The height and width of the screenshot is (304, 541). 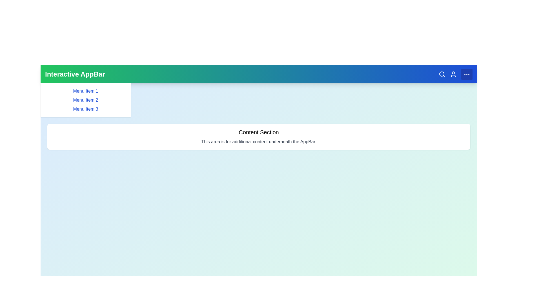 What do you see at coordinates (453, 74) in the screenshot?
I see `the user icon to access user-related actions` at bounding box center [453, 74].